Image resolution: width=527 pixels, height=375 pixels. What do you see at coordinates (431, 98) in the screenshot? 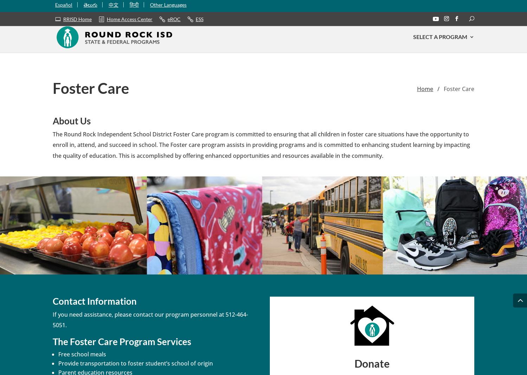
I see `'ESL'` at bounding box center [431, 98].